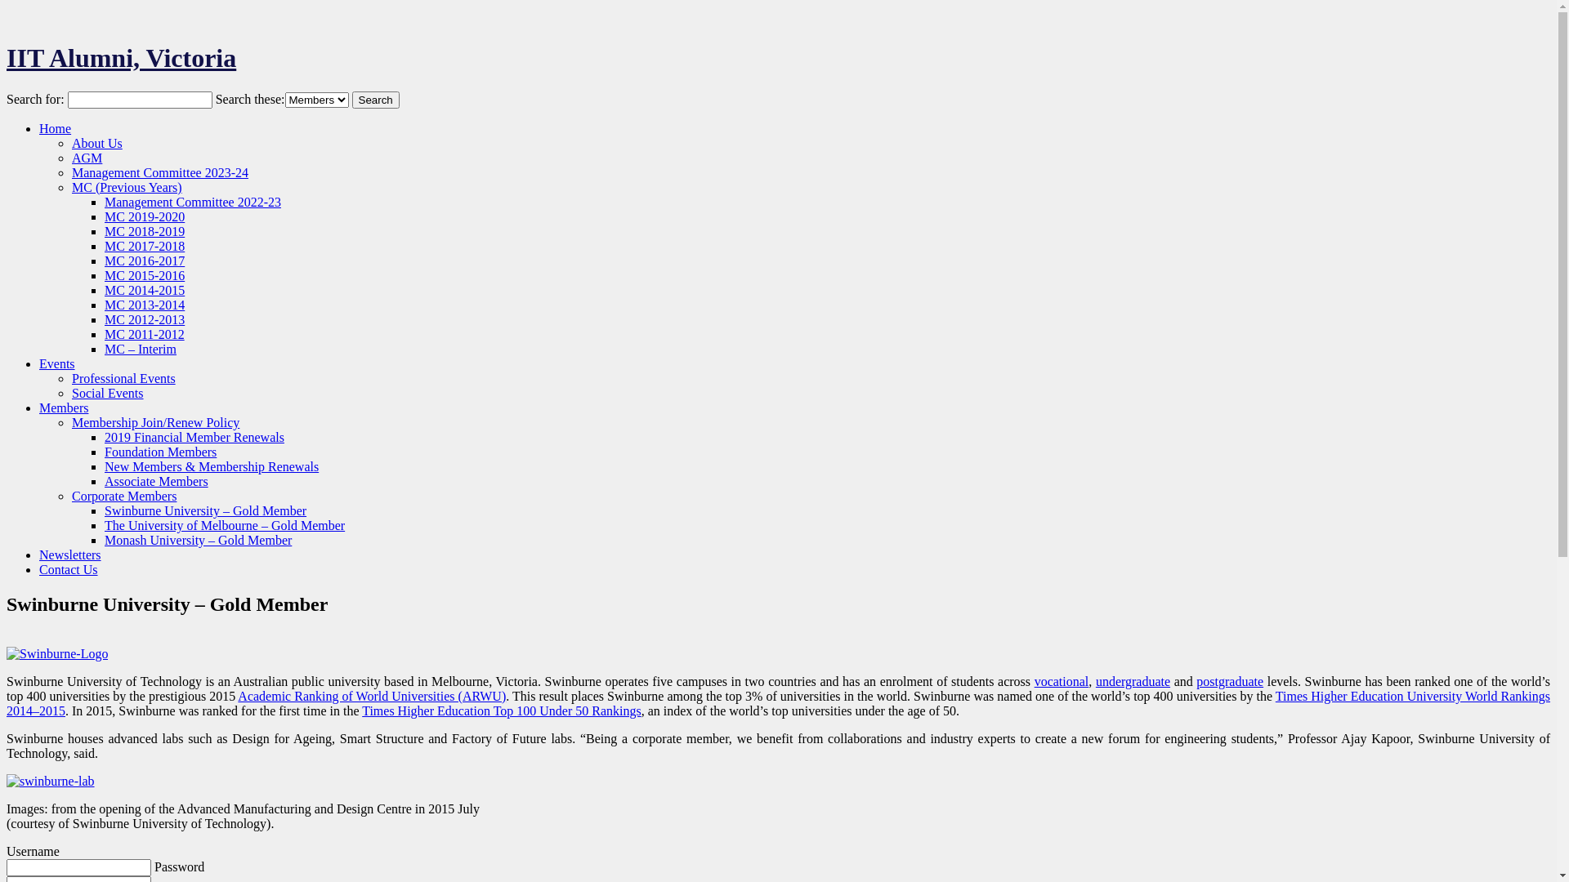 This screenshot has height=882, width=1569. What do you see at coordinates (69, 554) in the screenshot?
I see `'Newsletters'` at bounding box center [69, 554].